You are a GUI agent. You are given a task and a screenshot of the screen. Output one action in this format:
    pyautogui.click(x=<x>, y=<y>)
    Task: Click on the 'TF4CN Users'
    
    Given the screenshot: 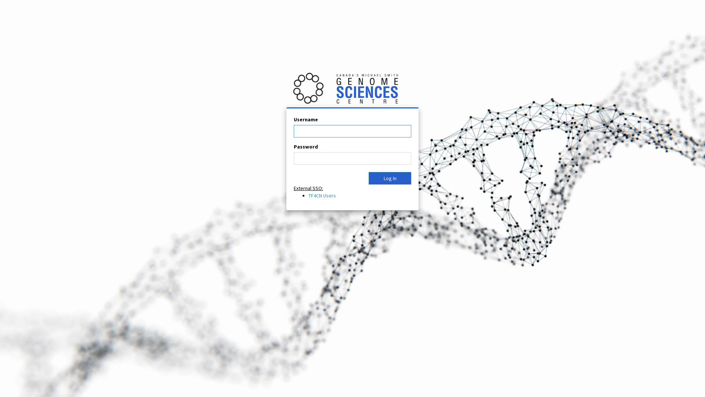 What is the action you would take?
    pyautogui.click(x=308, y=195)
    